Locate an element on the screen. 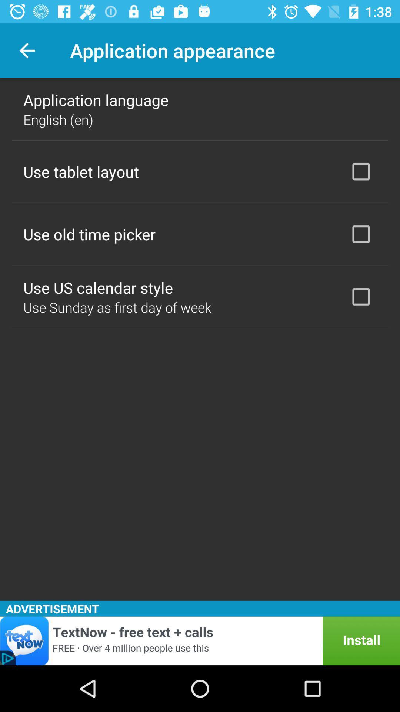 This screenshot has width=400, height=712. the item below advertisement icon is located at coordinates (200, 640).